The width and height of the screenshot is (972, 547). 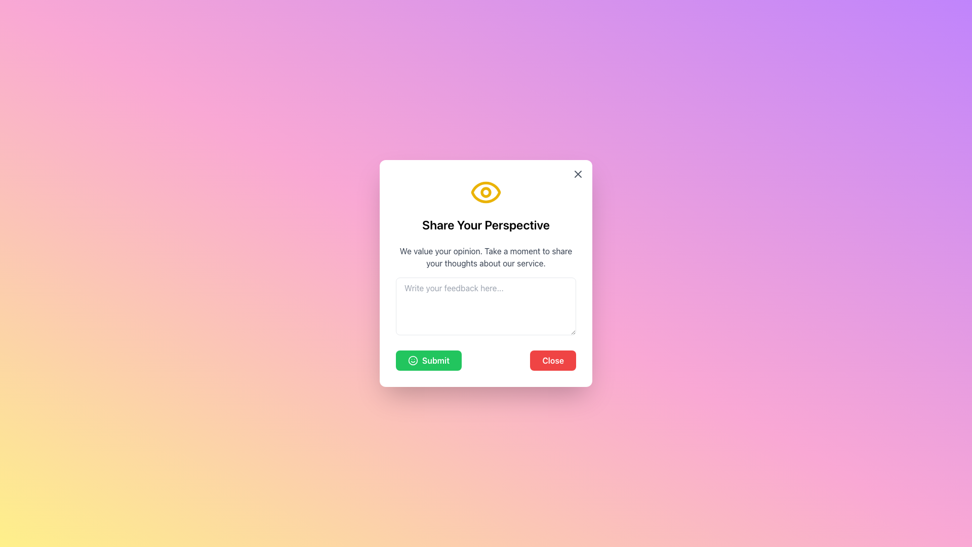 What do you see at coordinates (429, 360) in the screenshot?
I see `the 'Submit' button located at the lower-left corner of the modal dialog to observe hover effects` at bounding box center [429, 360].